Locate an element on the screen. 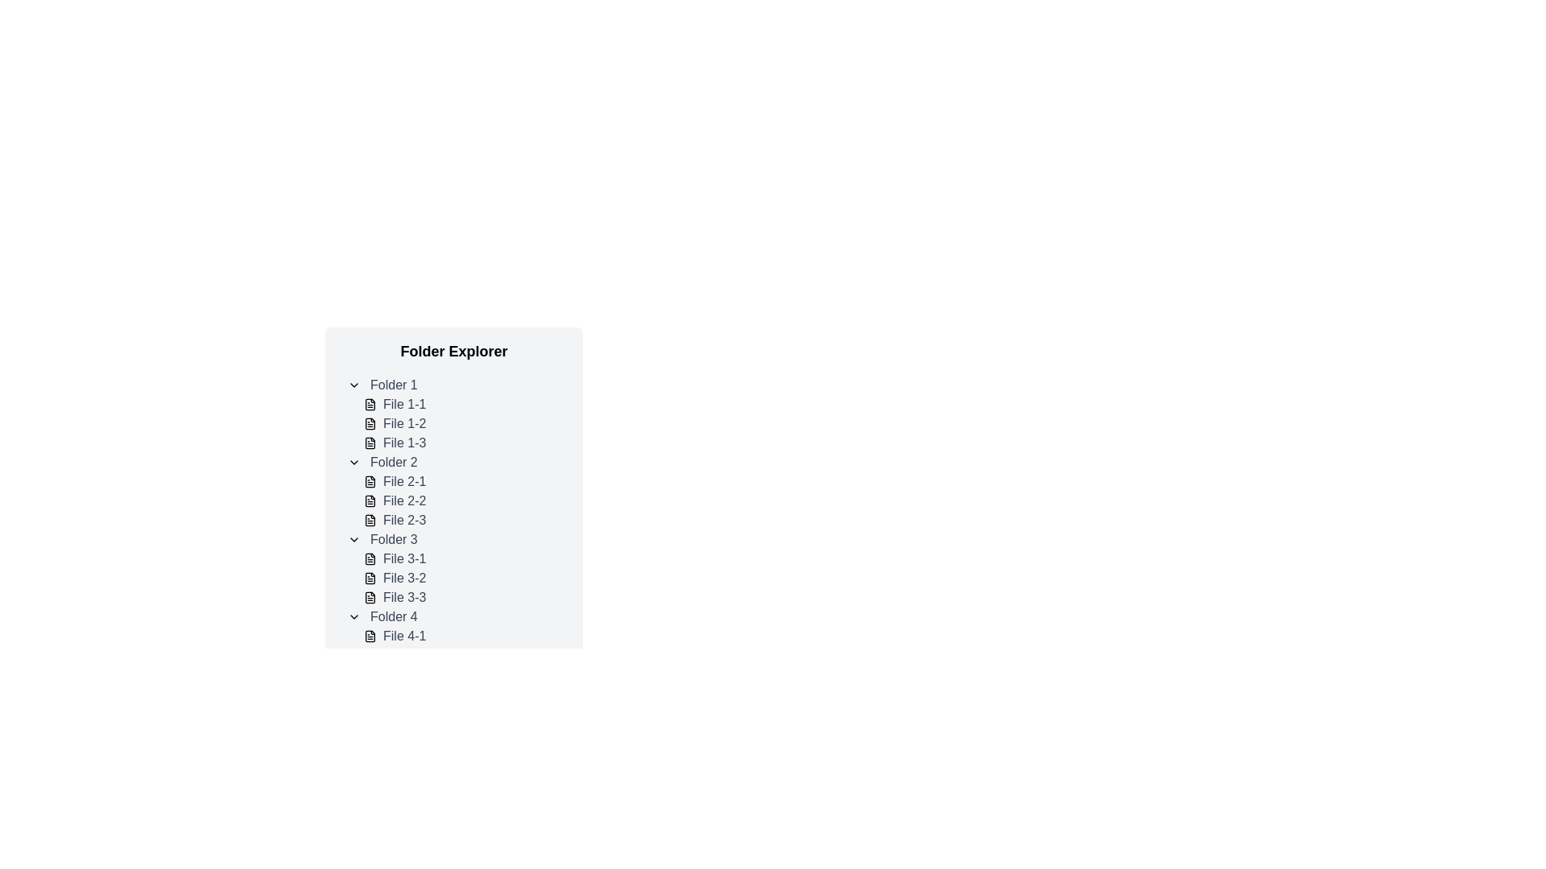 The image size is (1546, 869). the second file icon resembling a page document located next to 'File 1-2' under the expandable section titled 'Folder 1' is located at coordinates (370, 423).